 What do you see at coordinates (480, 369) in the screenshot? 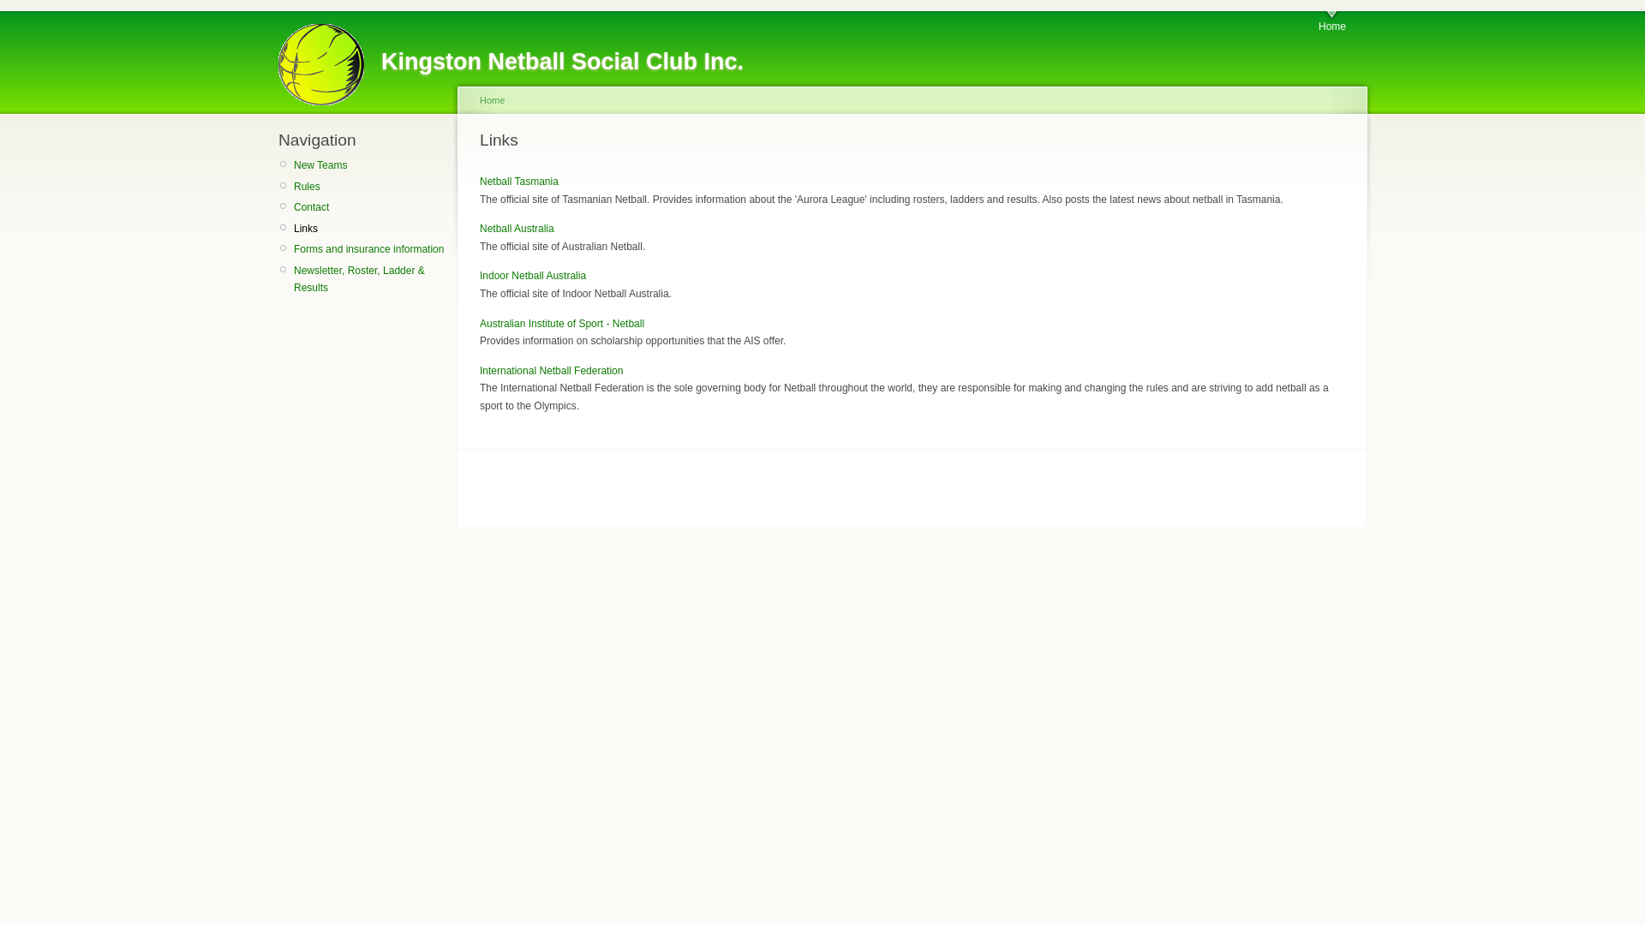
I see `'International Netball Federation'` at bounding box center [480, 369].